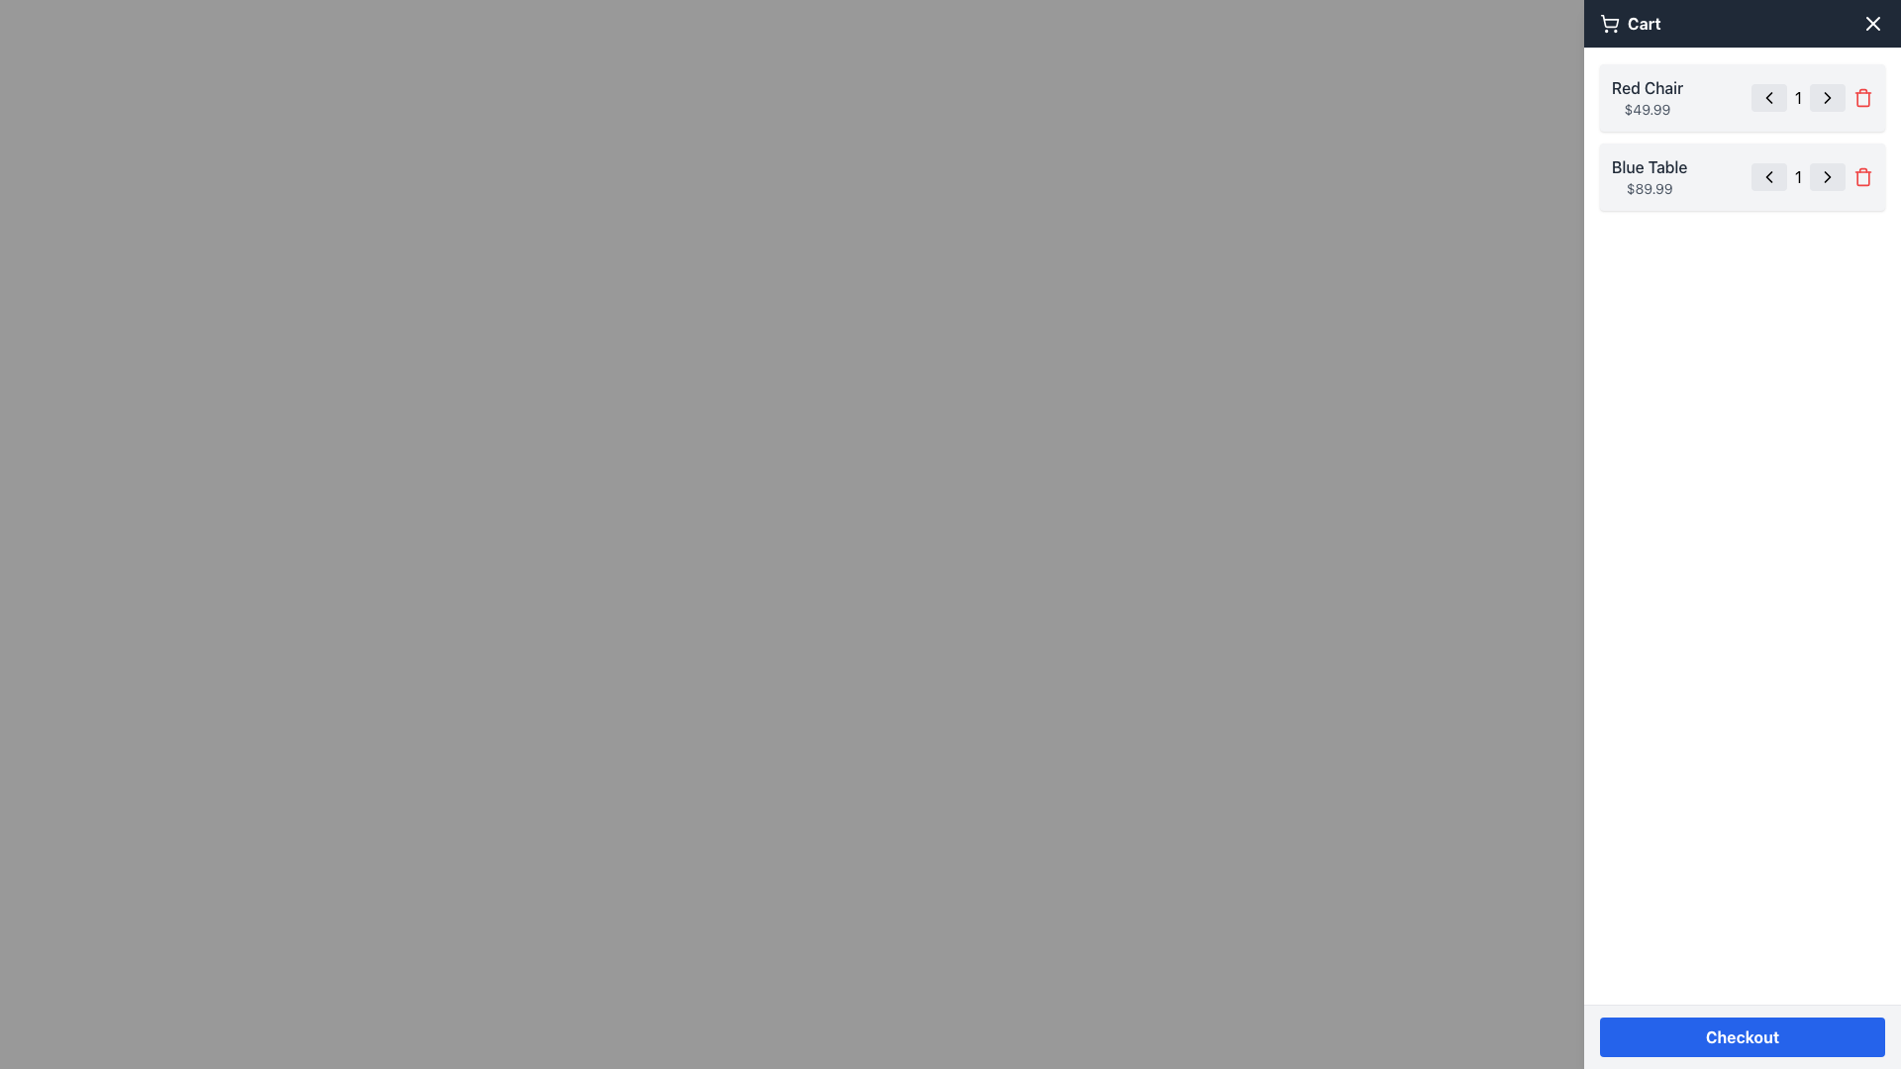 This screenshot has width=1901, height=1069. Describe the element at coordinates (1768, 175) in the screenshot. I see `the decrement button for the 'Blue Table' item in the cart to visualize the change in background color` at that location.